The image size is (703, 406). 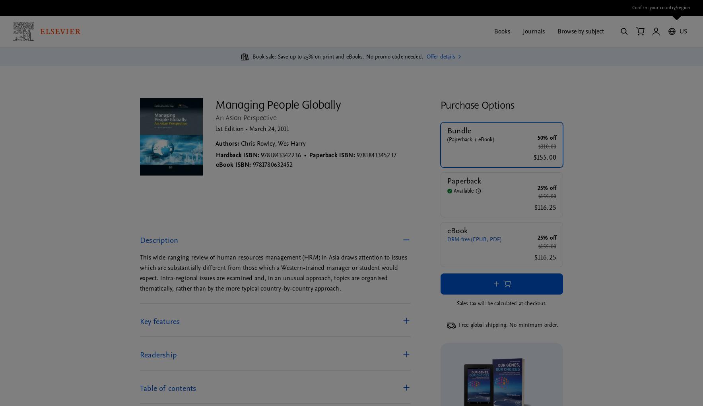 I want to click on '9781843345237', so click(x=376, y=155).